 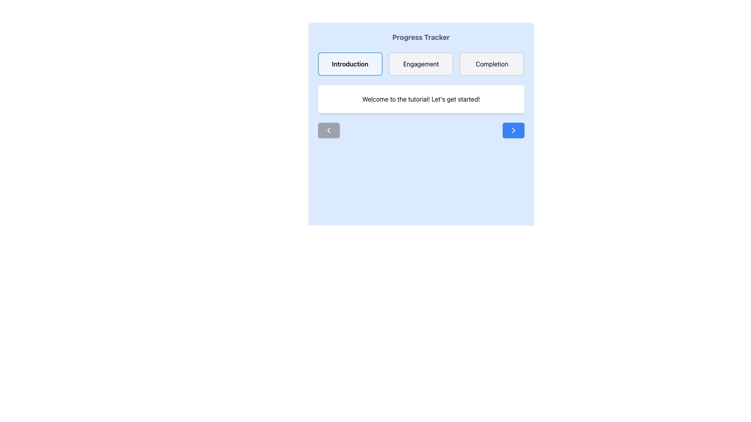 I want to click on the left-facing chevron button located on the left side of the interface below the introductory message, so click(x=329, y=130).